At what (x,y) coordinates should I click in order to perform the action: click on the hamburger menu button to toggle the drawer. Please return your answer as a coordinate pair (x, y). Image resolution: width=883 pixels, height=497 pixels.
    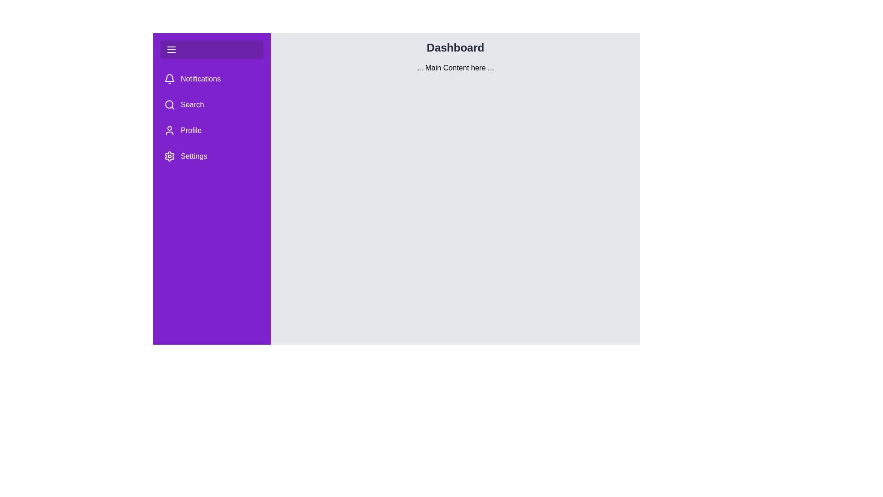
    Looking at the image, I should click on (172, 50).